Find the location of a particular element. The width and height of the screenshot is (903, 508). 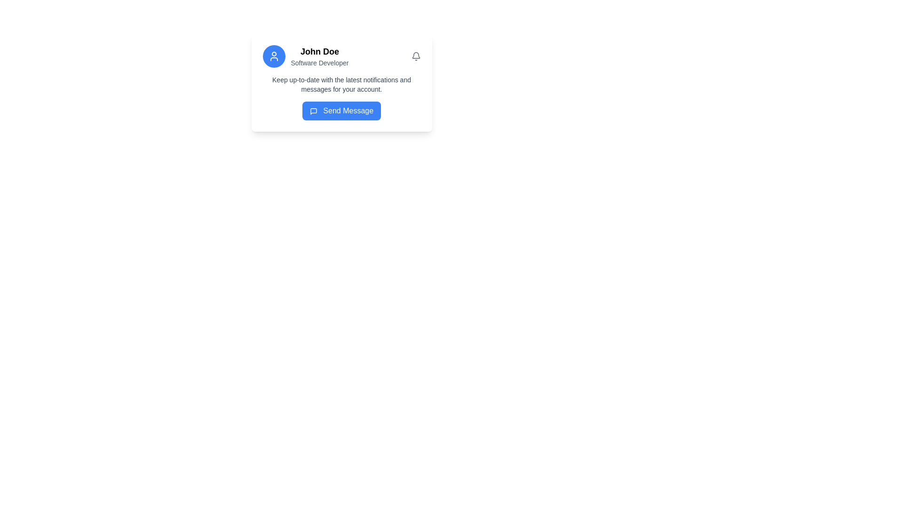

the text label reading 'Software Developer', which is displayed in a smaller light gray font below the name 'John Doe' is located at coordinates (320, 63).